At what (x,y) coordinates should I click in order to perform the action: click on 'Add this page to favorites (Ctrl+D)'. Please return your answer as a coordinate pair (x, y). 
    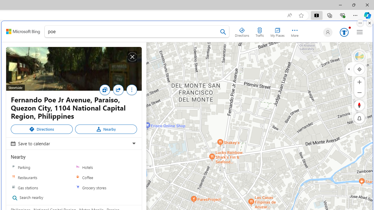
    Looking at the image, I should click on (301, 15).